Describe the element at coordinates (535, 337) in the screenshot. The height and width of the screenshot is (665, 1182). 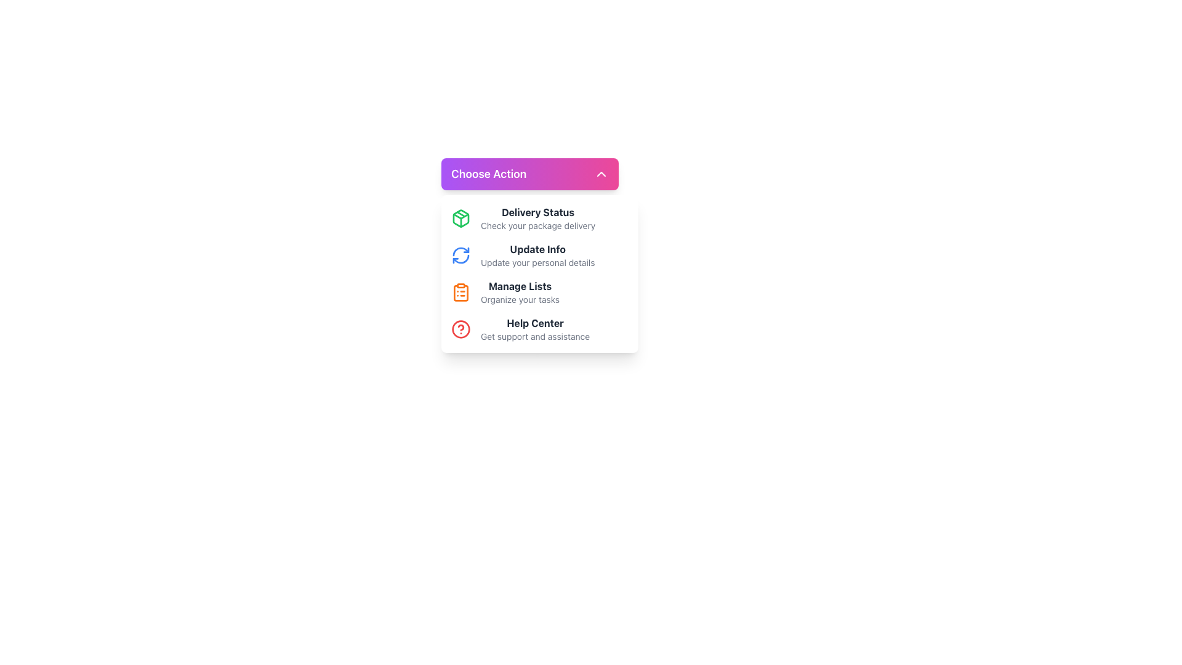
I see `text label that says 'Get support and assistance.' located below the 'Help Center' title in the dropdown interface` at that location.